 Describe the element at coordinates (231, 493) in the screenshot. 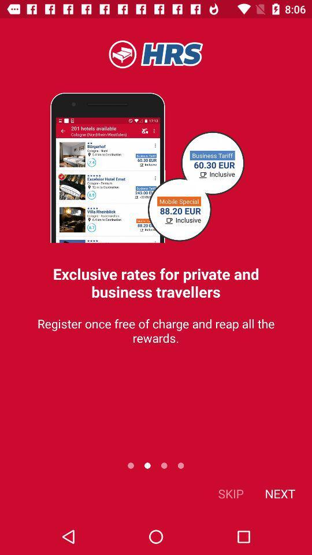

I see `icon next to the next` at that location.